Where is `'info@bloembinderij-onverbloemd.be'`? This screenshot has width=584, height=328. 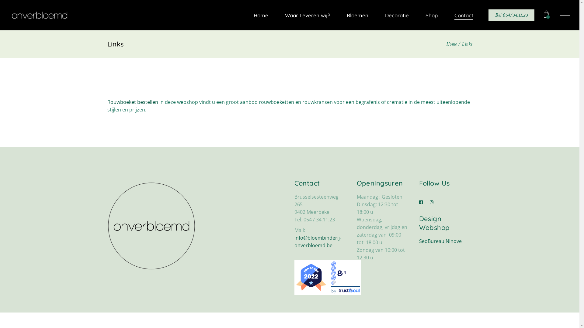
'info@bloembinderij-onverbloemd.be' is located at coordinates (318, 241).